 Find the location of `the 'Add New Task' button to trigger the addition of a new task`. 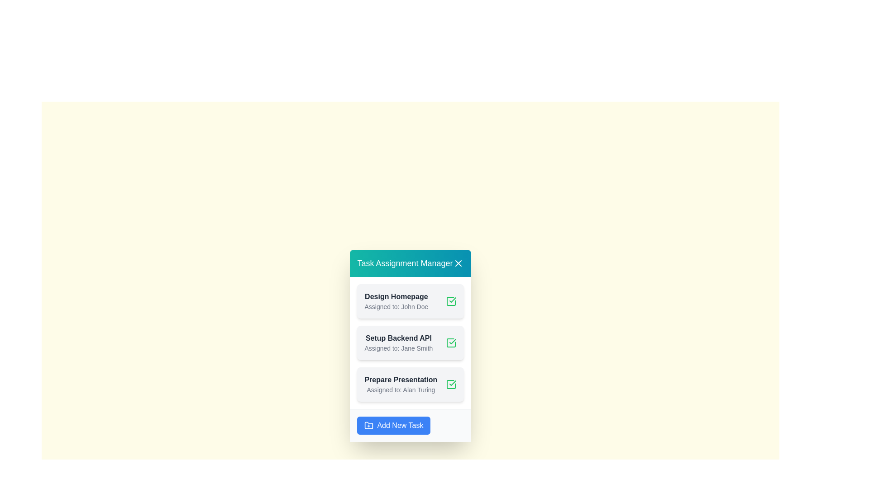

the 'Add New Task' button to trigger the addition of a new task is located at coordinates (393, 425).